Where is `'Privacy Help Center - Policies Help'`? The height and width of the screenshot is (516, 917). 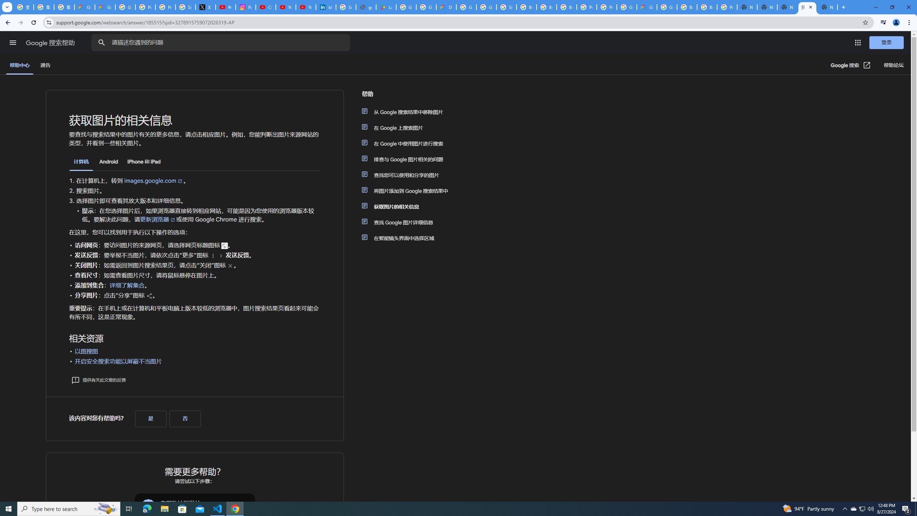
'Privacy Help Center - Policies Help' is located at coordinates (165, 7).